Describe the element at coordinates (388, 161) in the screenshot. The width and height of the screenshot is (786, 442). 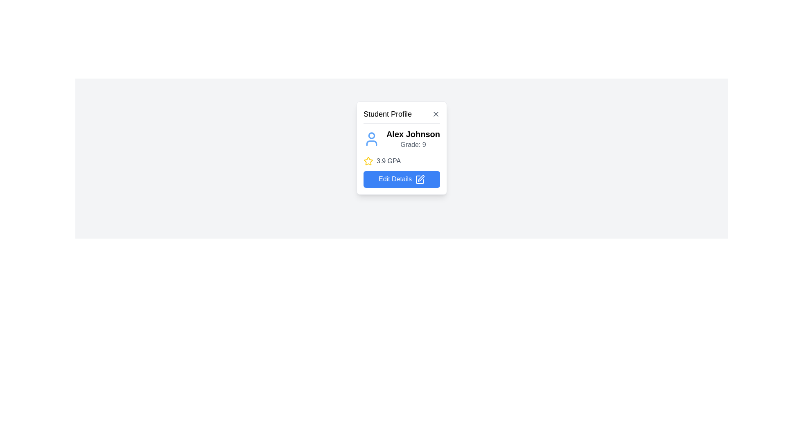
I see `the Text Label displaying '3.9 GPA', which is positioned in the 'Student Profile' card, to the right of a yellow star icon` at that location.